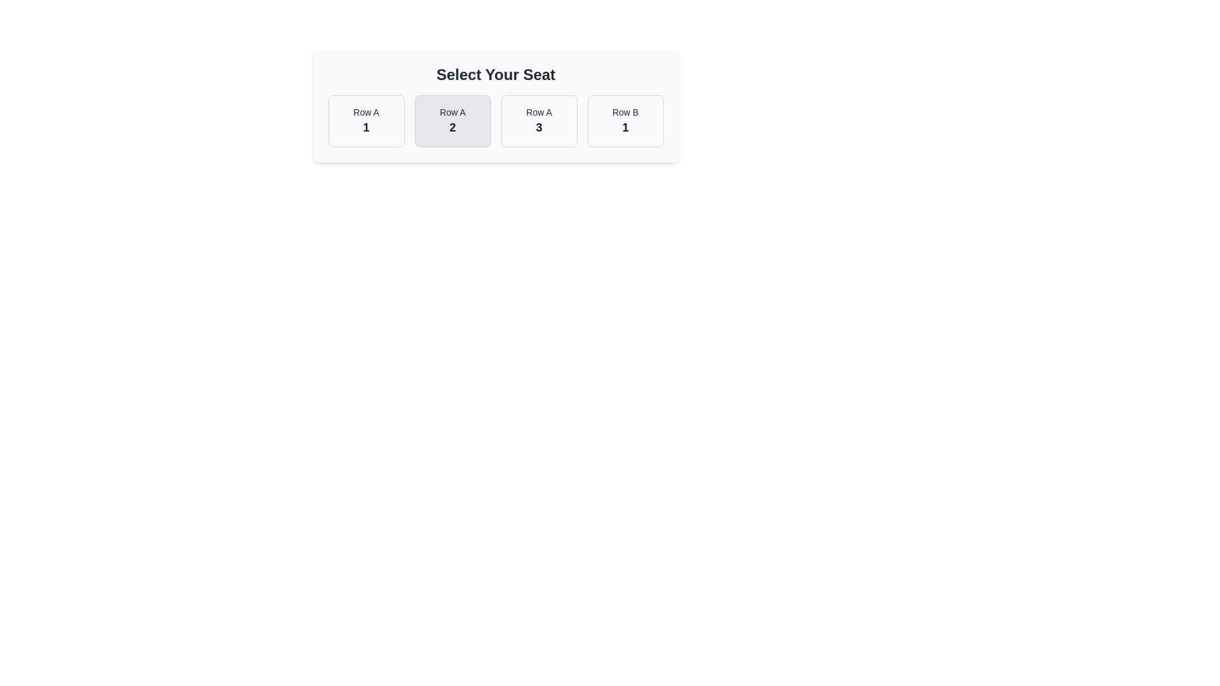 Image resolution: width=1220 pixels, height=686 pixels. I want to click on text of the bold numeral '1' located below the text 'Row B' in the section labeled 'Row B', so click(625, 127).